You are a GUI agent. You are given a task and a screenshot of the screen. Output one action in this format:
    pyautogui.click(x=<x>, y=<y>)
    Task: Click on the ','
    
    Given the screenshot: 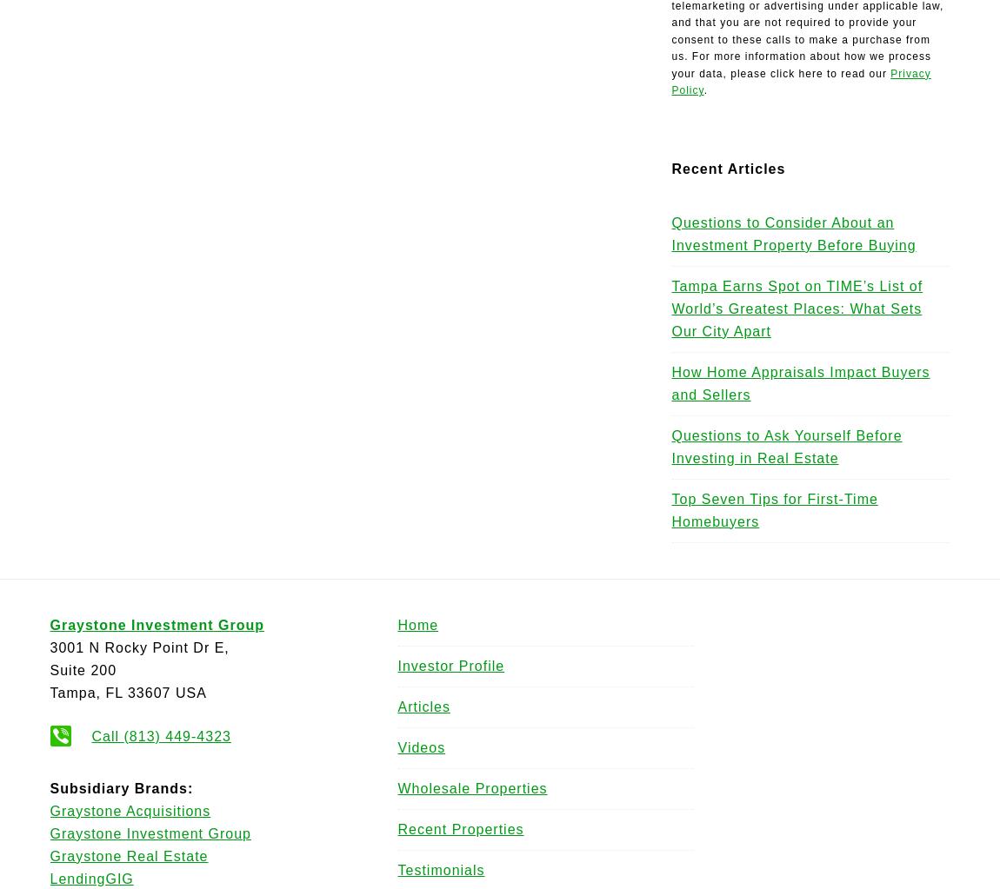 What is the action you would take?
    pyautogui.click(x=99, y=692)
    